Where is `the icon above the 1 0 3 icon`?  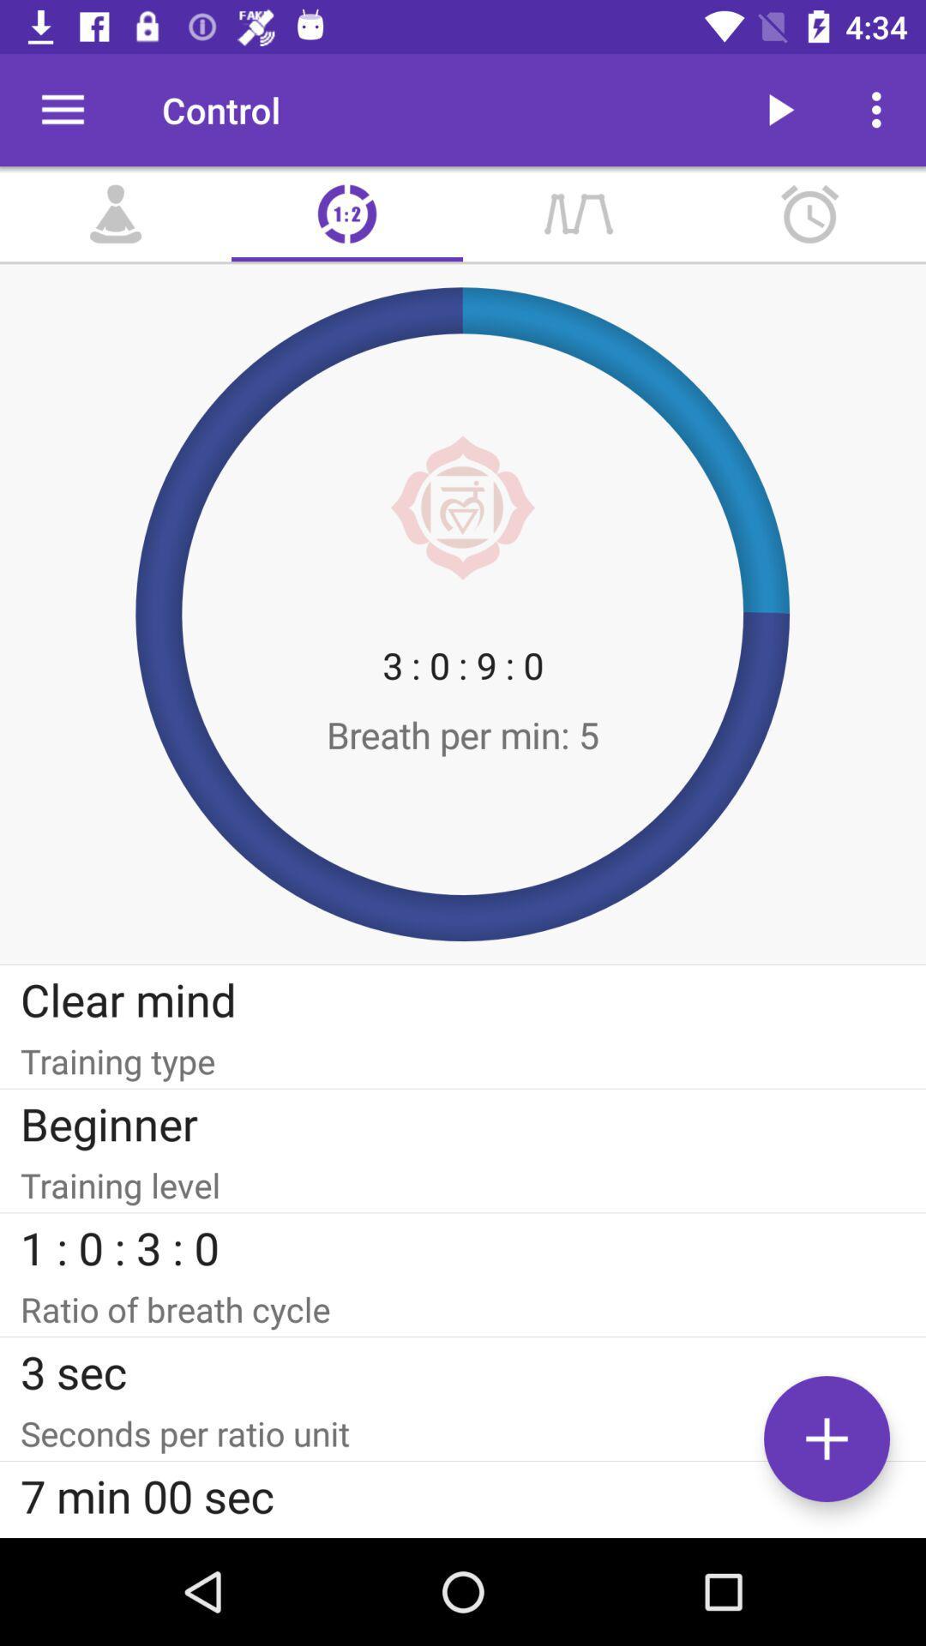 the icon above the 1 0 3 icon is located at coordinates (463, 1184).